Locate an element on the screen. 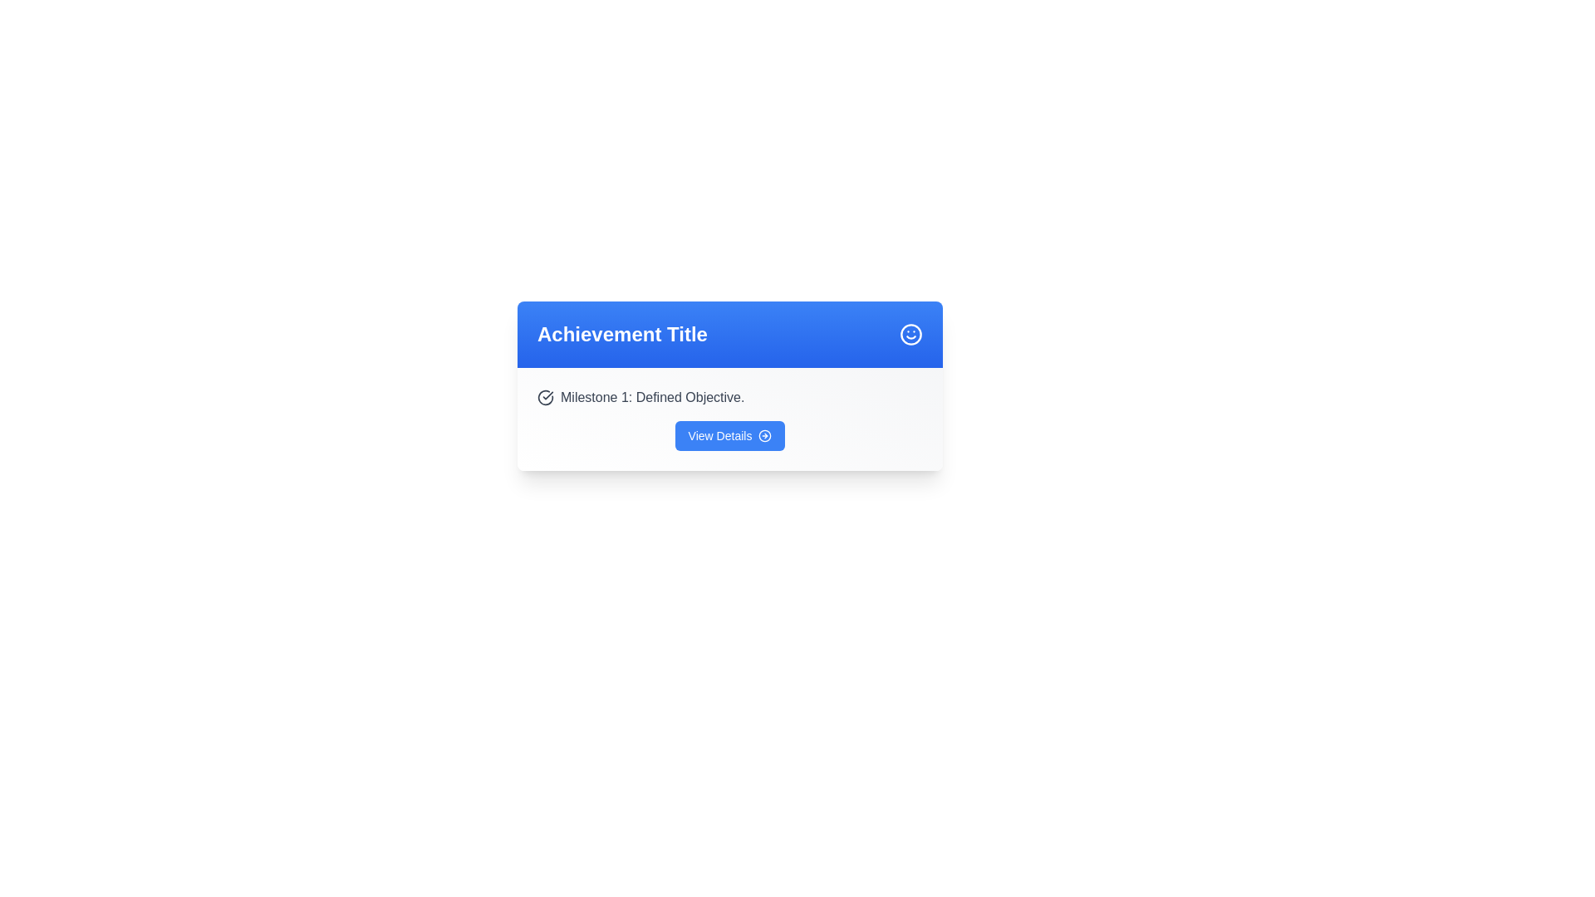 Image resolution: width=1595 pixels, height=897 pixels. the icon located at the far right of the 'View Details' button is located at coordinates (764, 434).